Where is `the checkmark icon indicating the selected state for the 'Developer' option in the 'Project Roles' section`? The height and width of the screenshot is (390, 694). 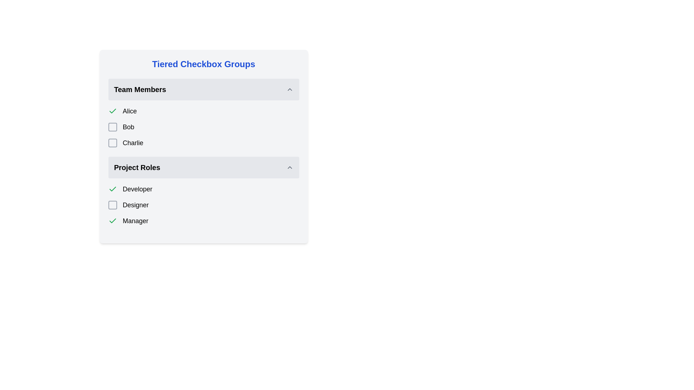 the checkmark icon indicating the selected state for the 'Developer' option in the 'Project Roles' section is located at coordinates (112, 111).